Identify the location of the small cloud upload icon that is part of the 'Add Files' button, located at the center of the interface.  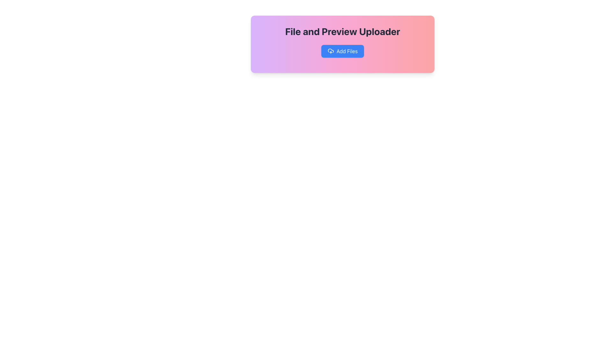
(331, 51).